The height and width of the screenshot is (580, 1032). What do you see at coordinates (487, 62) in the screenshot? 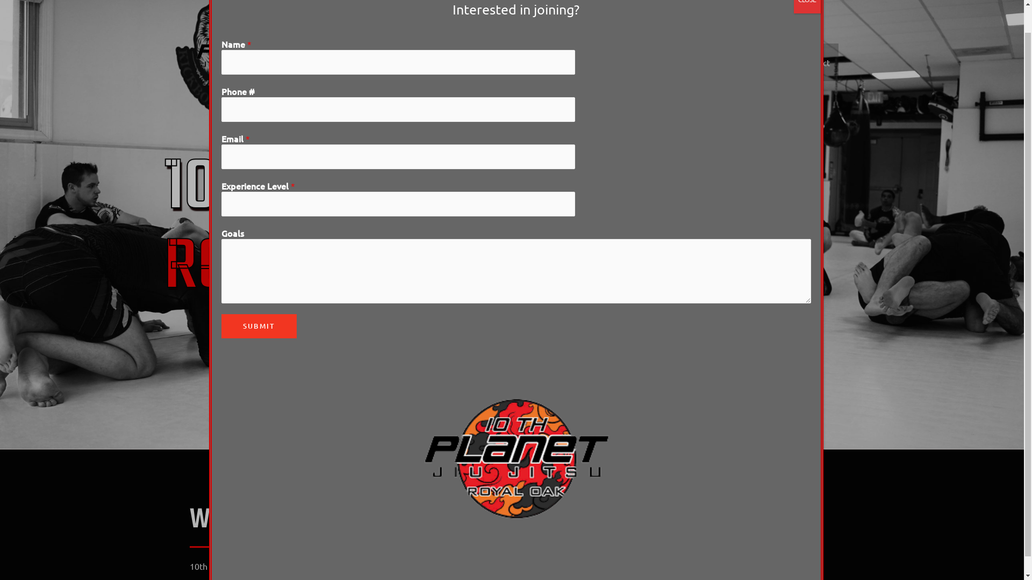
I see `'Home'` at bounding box center [487, 62].